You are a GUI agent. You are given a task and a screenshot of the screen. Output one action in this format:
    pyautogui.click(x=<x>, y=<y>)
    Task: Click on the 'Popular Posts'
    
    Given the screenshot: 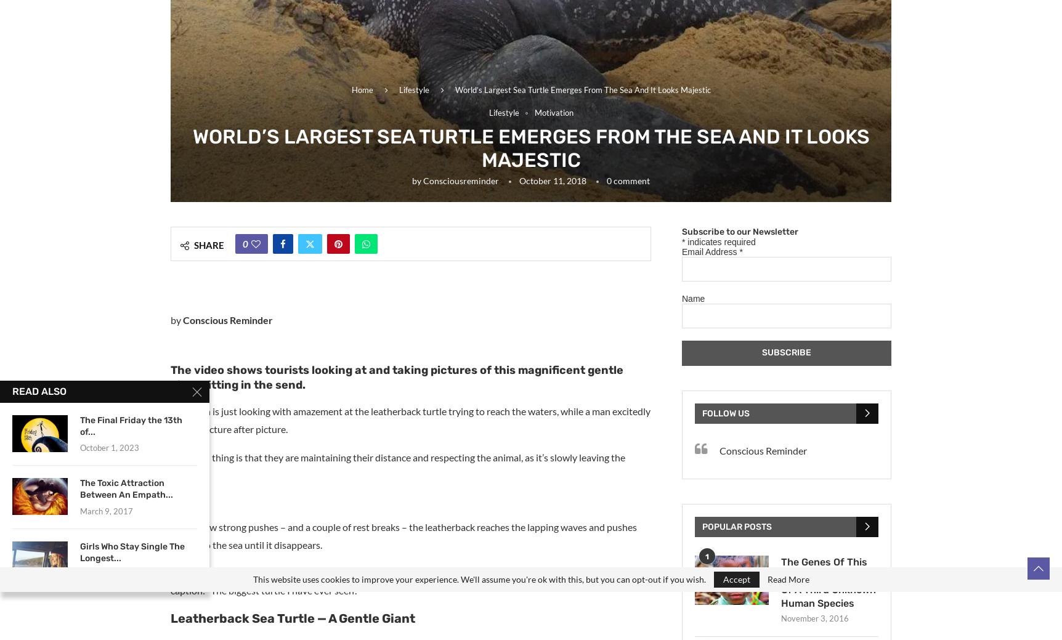 What is the action you would take?
    pyautogui.click(x=737, y=525)
    